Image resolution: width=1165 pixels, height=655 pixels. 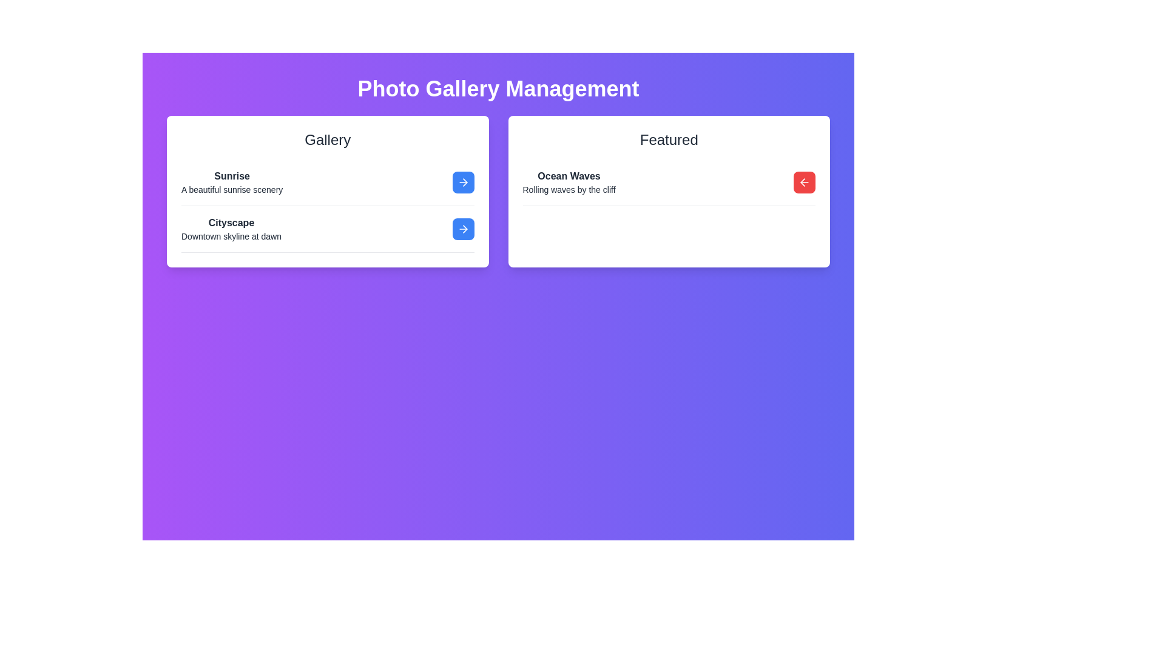 What do you see at coordinates (232, 182) in the screenshot?
I see `the stacked text component labeled 'Sunrise' that describes 'A beautiful sunrise scenery', located in the top-left section of the left card under the 'Gallery' heading` at bounding box center [232, 182].